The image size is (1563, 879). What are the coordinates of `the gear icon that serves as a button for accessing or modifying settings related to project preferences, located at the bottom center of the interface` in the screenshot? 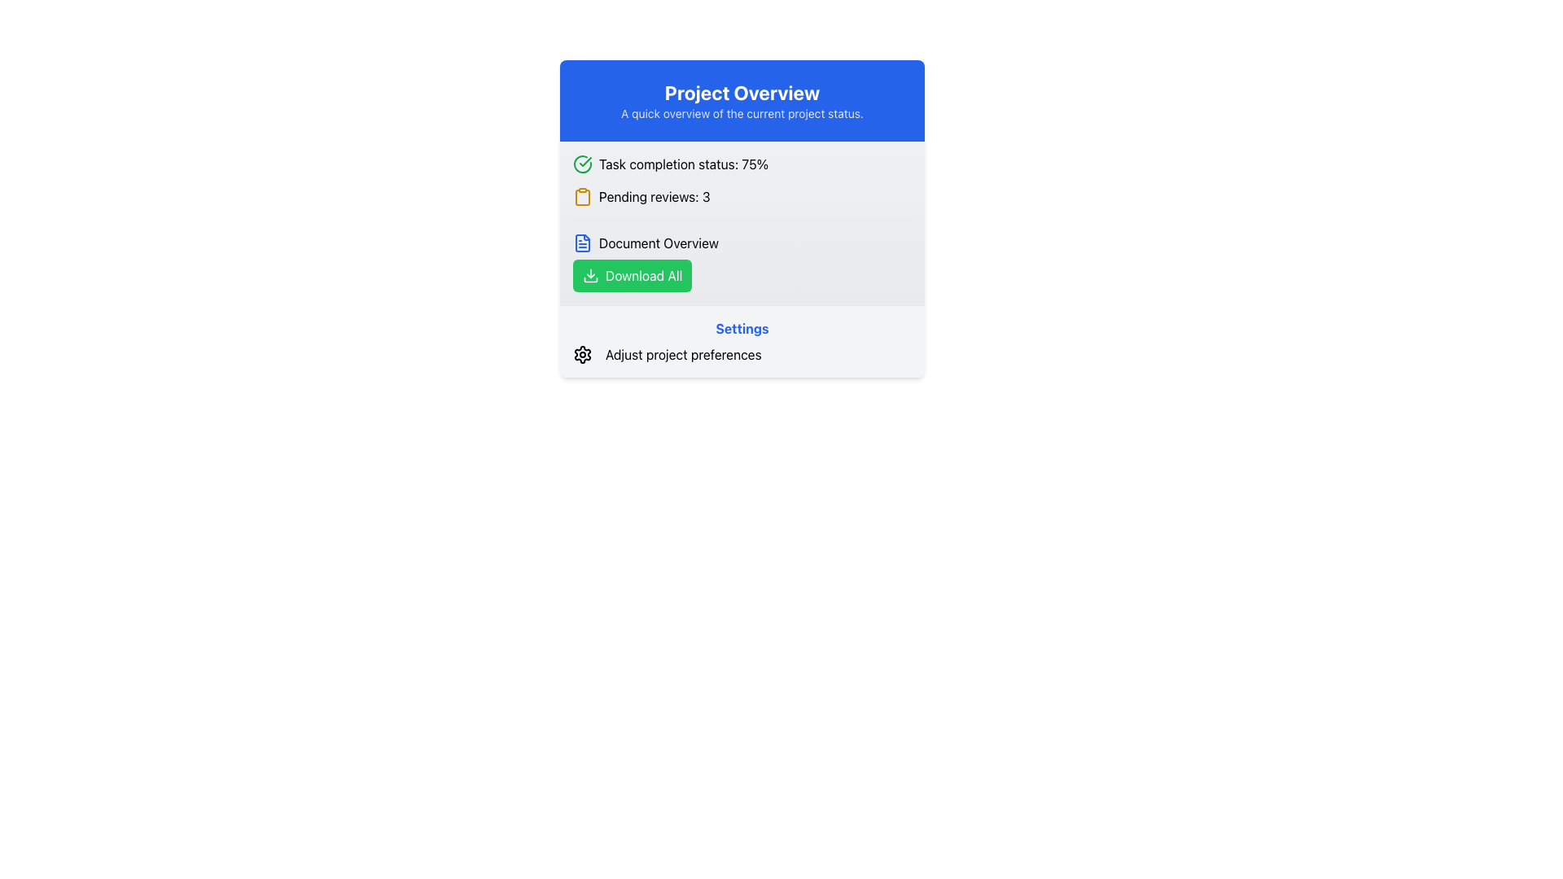 It's located at (582, 353).